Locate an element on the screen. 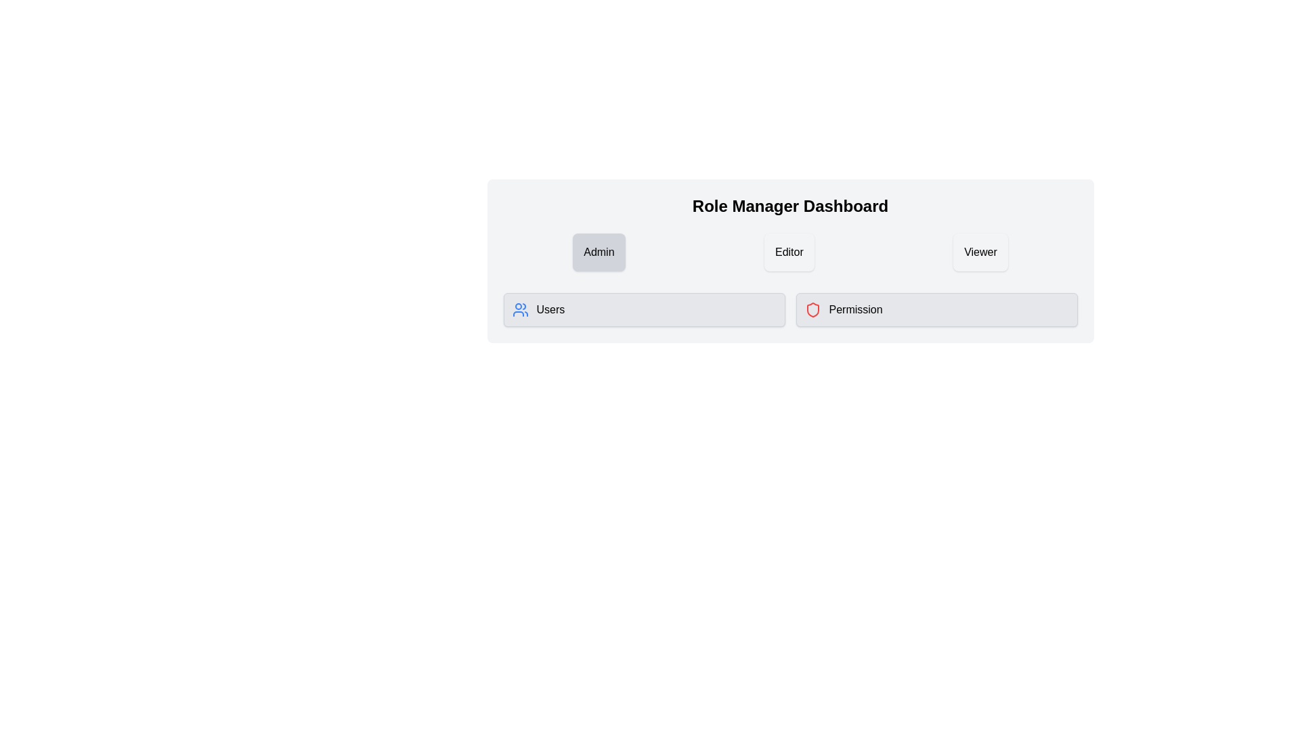  the blue-colored icon resembling a group of people, which is located within a button on the left side of the interface alongside the label 'Users' is located at coordinates (519, 310).